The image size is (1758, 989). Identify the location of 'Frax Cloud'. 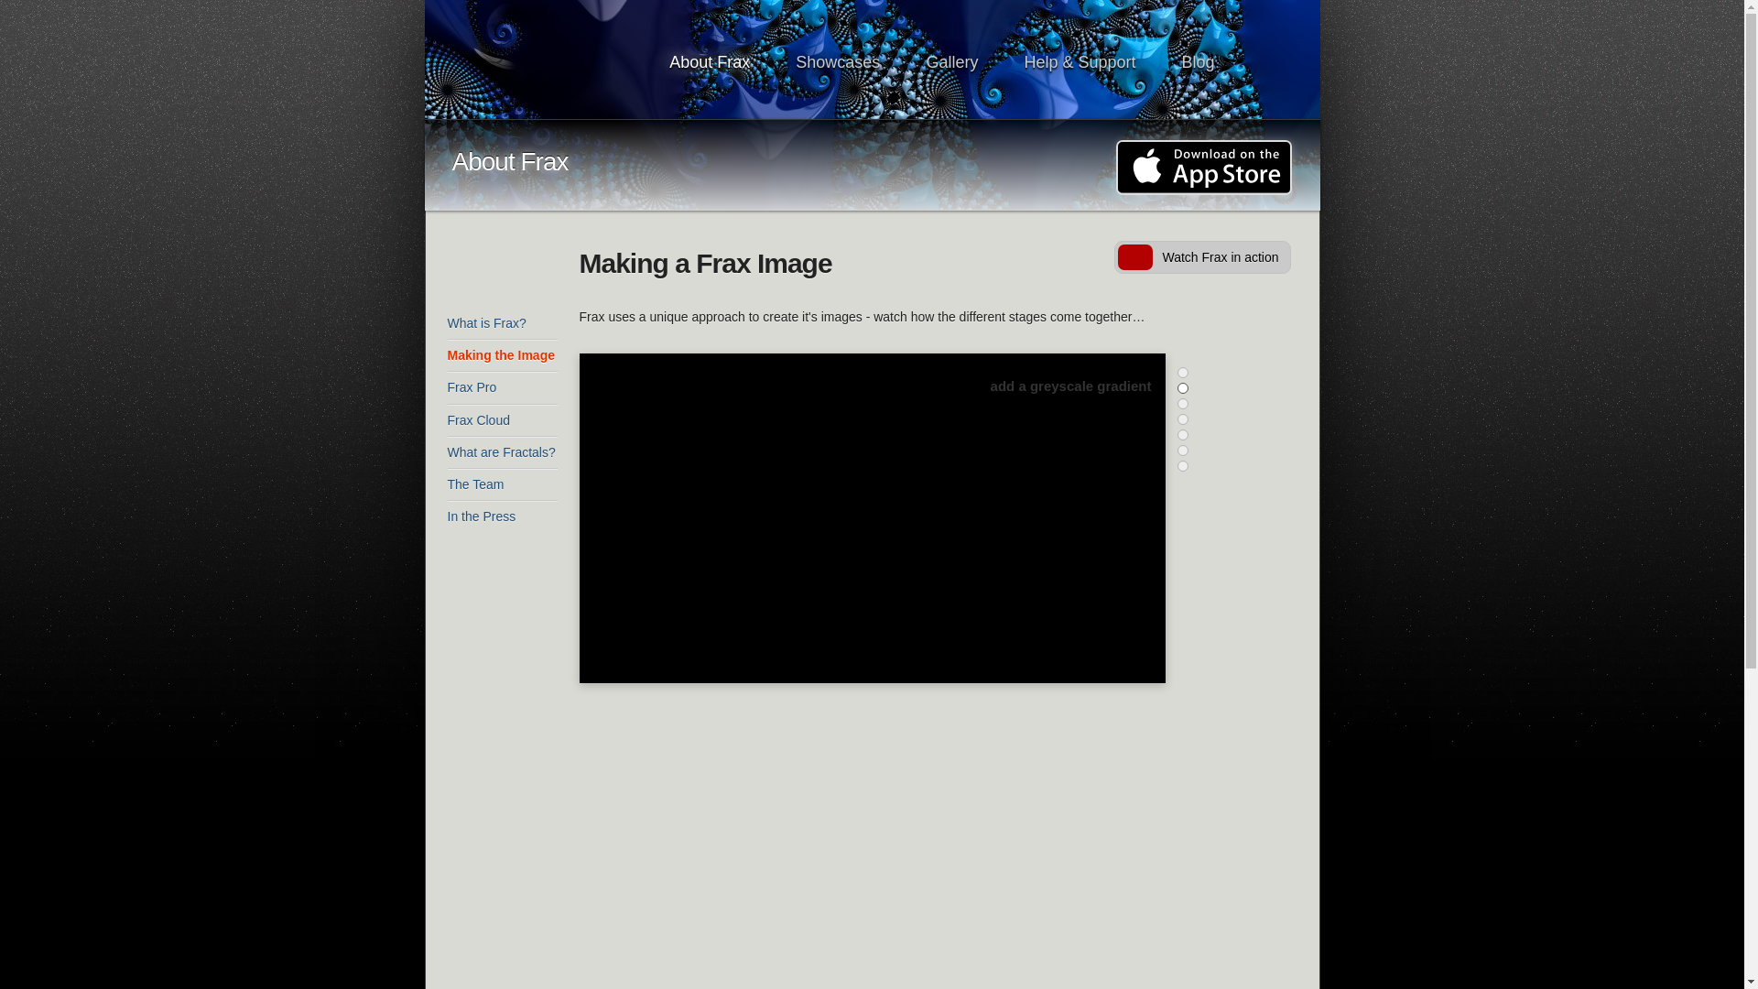
(501, 420).